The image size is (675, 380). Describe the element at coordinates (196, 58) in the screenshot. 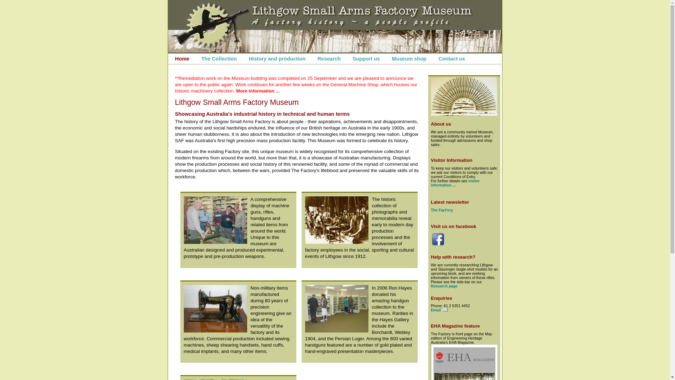

I see `'The Collection'` at that location.